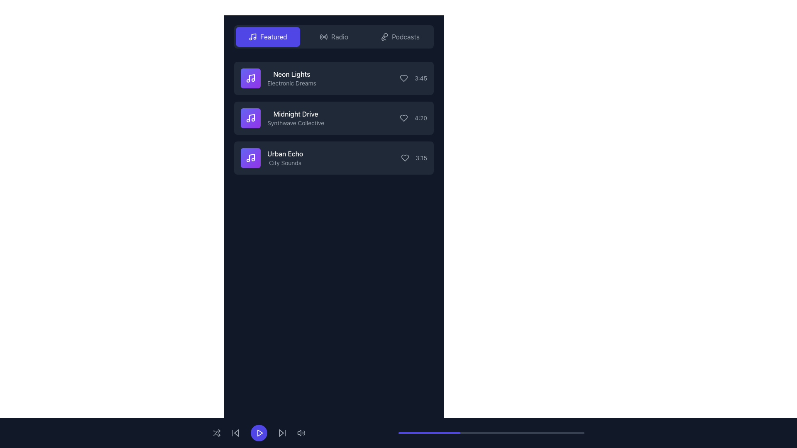 This screenshot has height=448, width=797. Describe the element at coordinates (236, 433) in the screenshot. I see `the 'Skip Back' icon, which is a triangular arrow pointing` at that location.